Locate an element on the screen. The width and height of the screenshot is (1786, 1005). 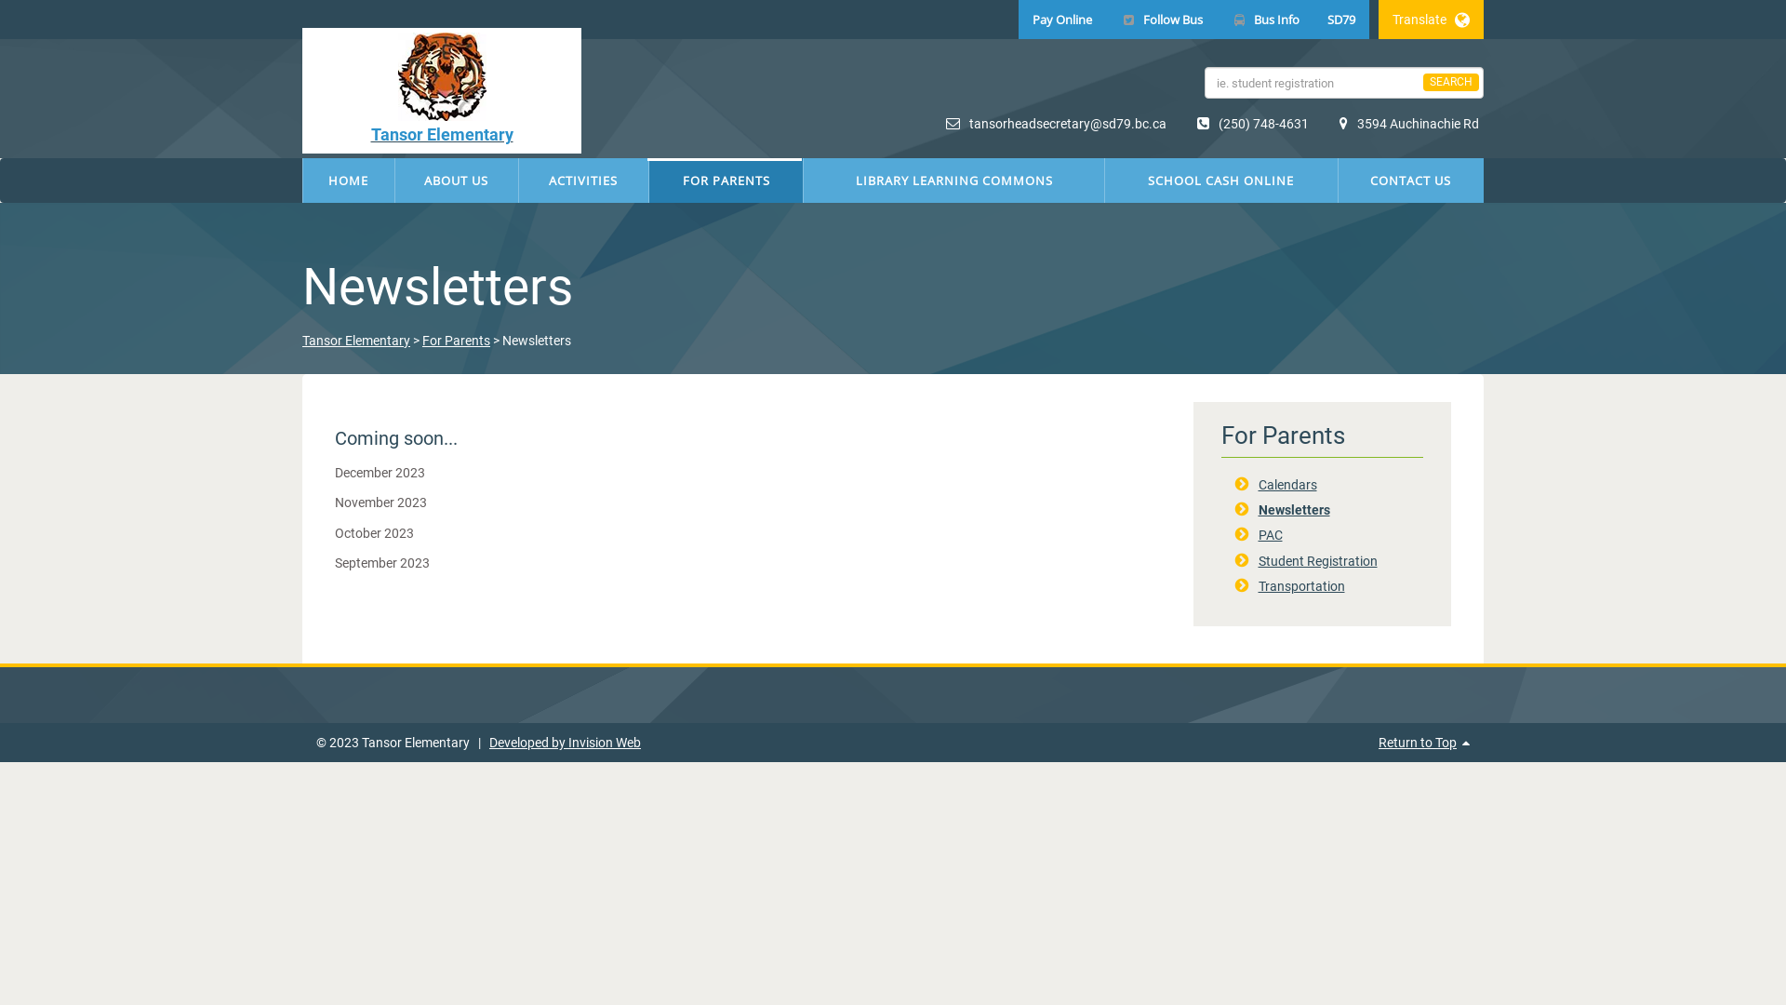
'Developed by Invision Web' is located at coordinates (564, 742).